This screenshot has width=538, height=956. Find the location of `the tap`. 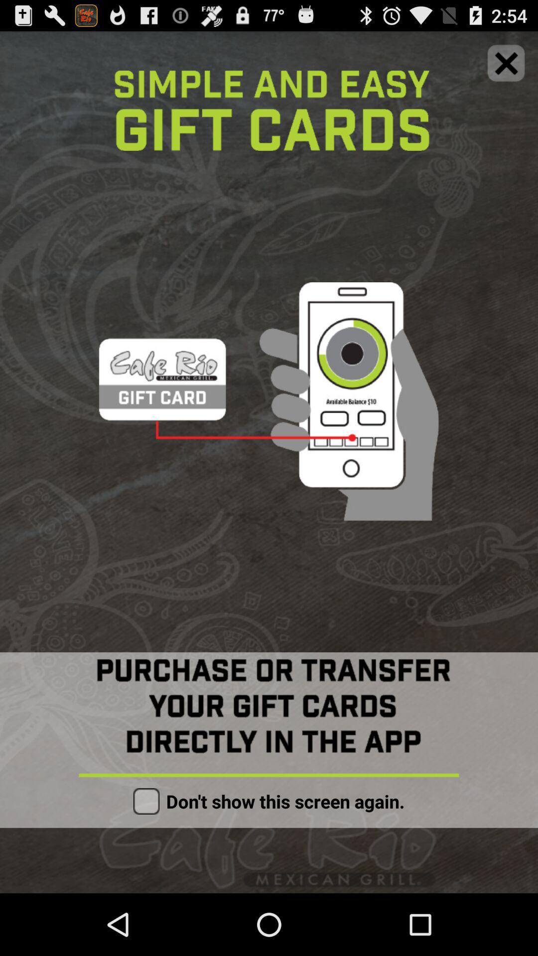

the tap is located at coordinates (506, 62).